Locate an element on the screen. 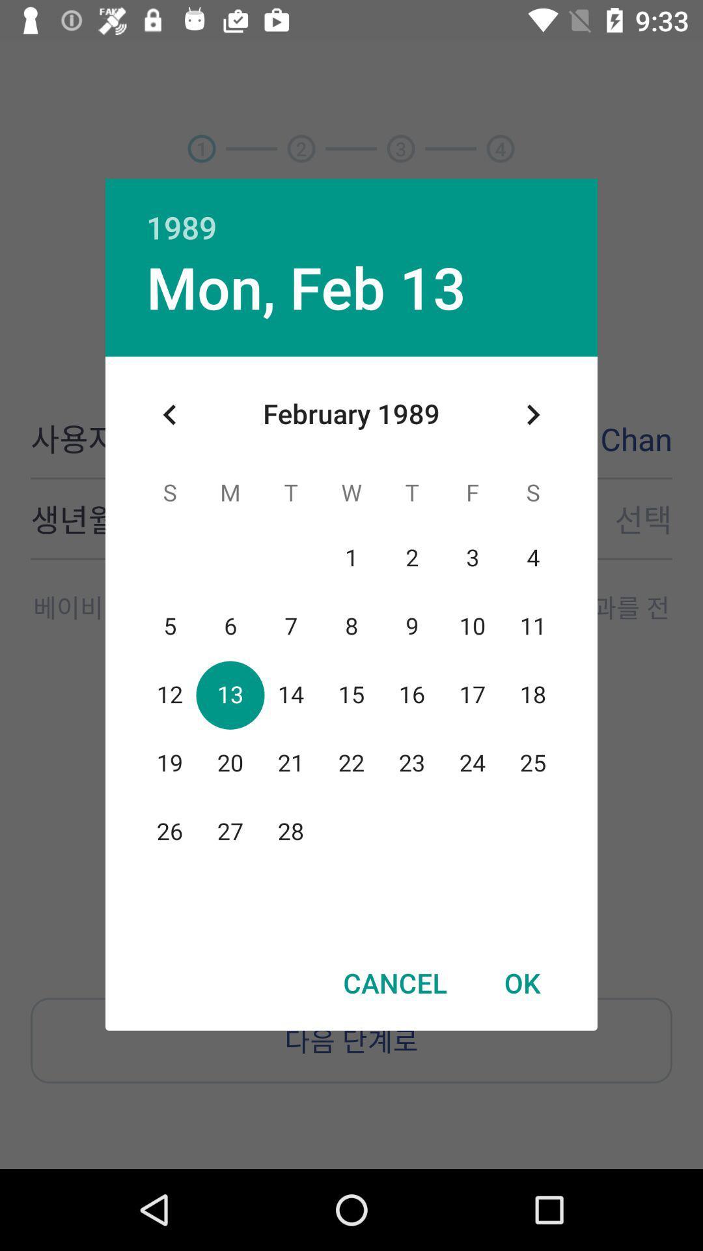 The width and height of the screenshot is (703, 1251). icon below 1989 is located at coordinates (532, 414).